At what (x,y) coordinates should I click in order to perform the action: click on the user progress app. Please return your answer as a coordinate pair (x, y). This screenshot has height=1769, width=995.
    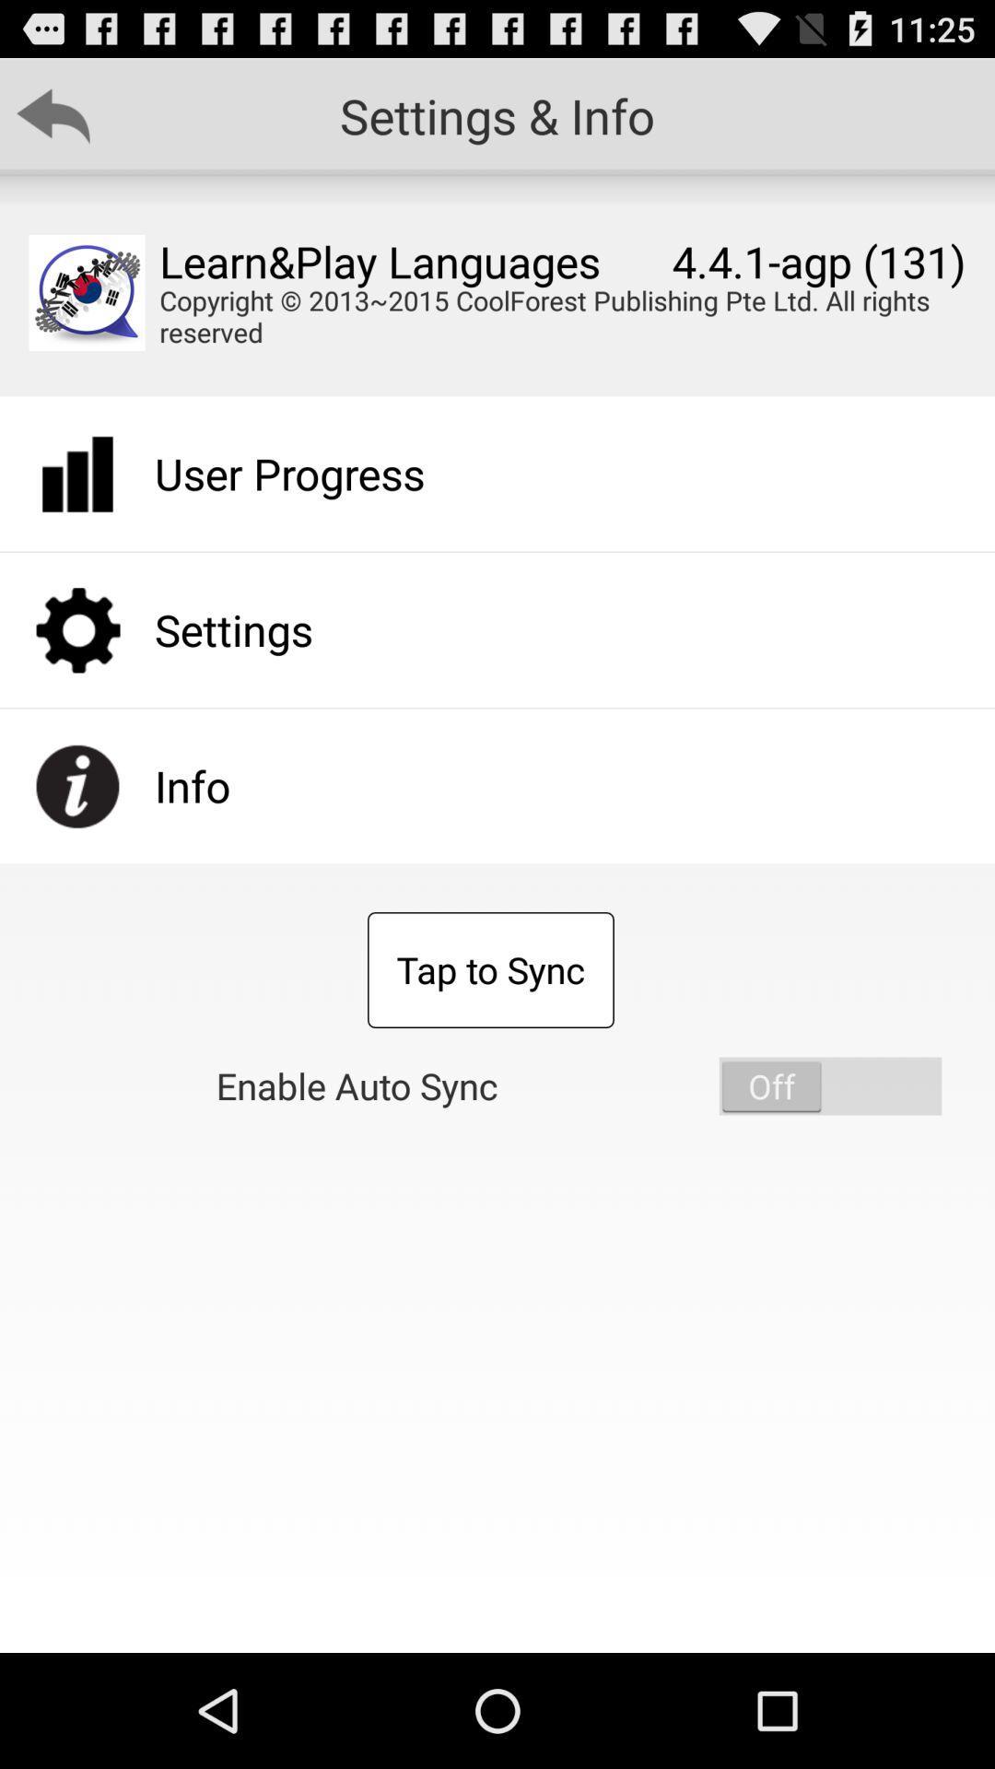
    Looking at the image, I should click on (289, 474).